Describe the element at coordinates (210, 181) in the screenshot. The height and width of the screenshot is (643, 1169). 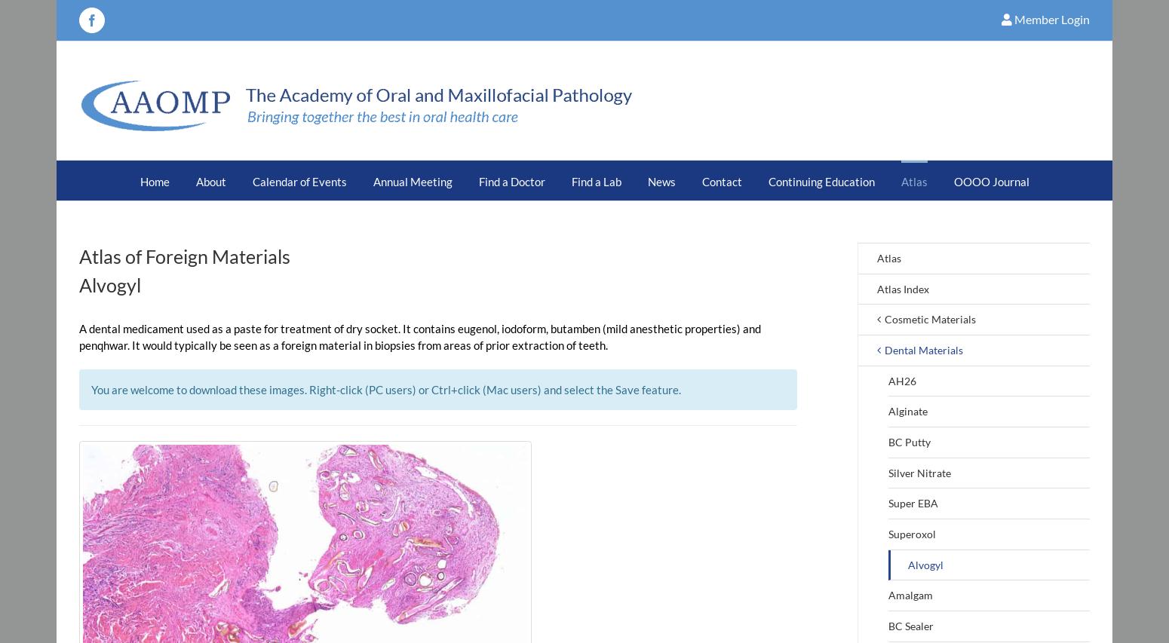
I see `'About'` at that location.